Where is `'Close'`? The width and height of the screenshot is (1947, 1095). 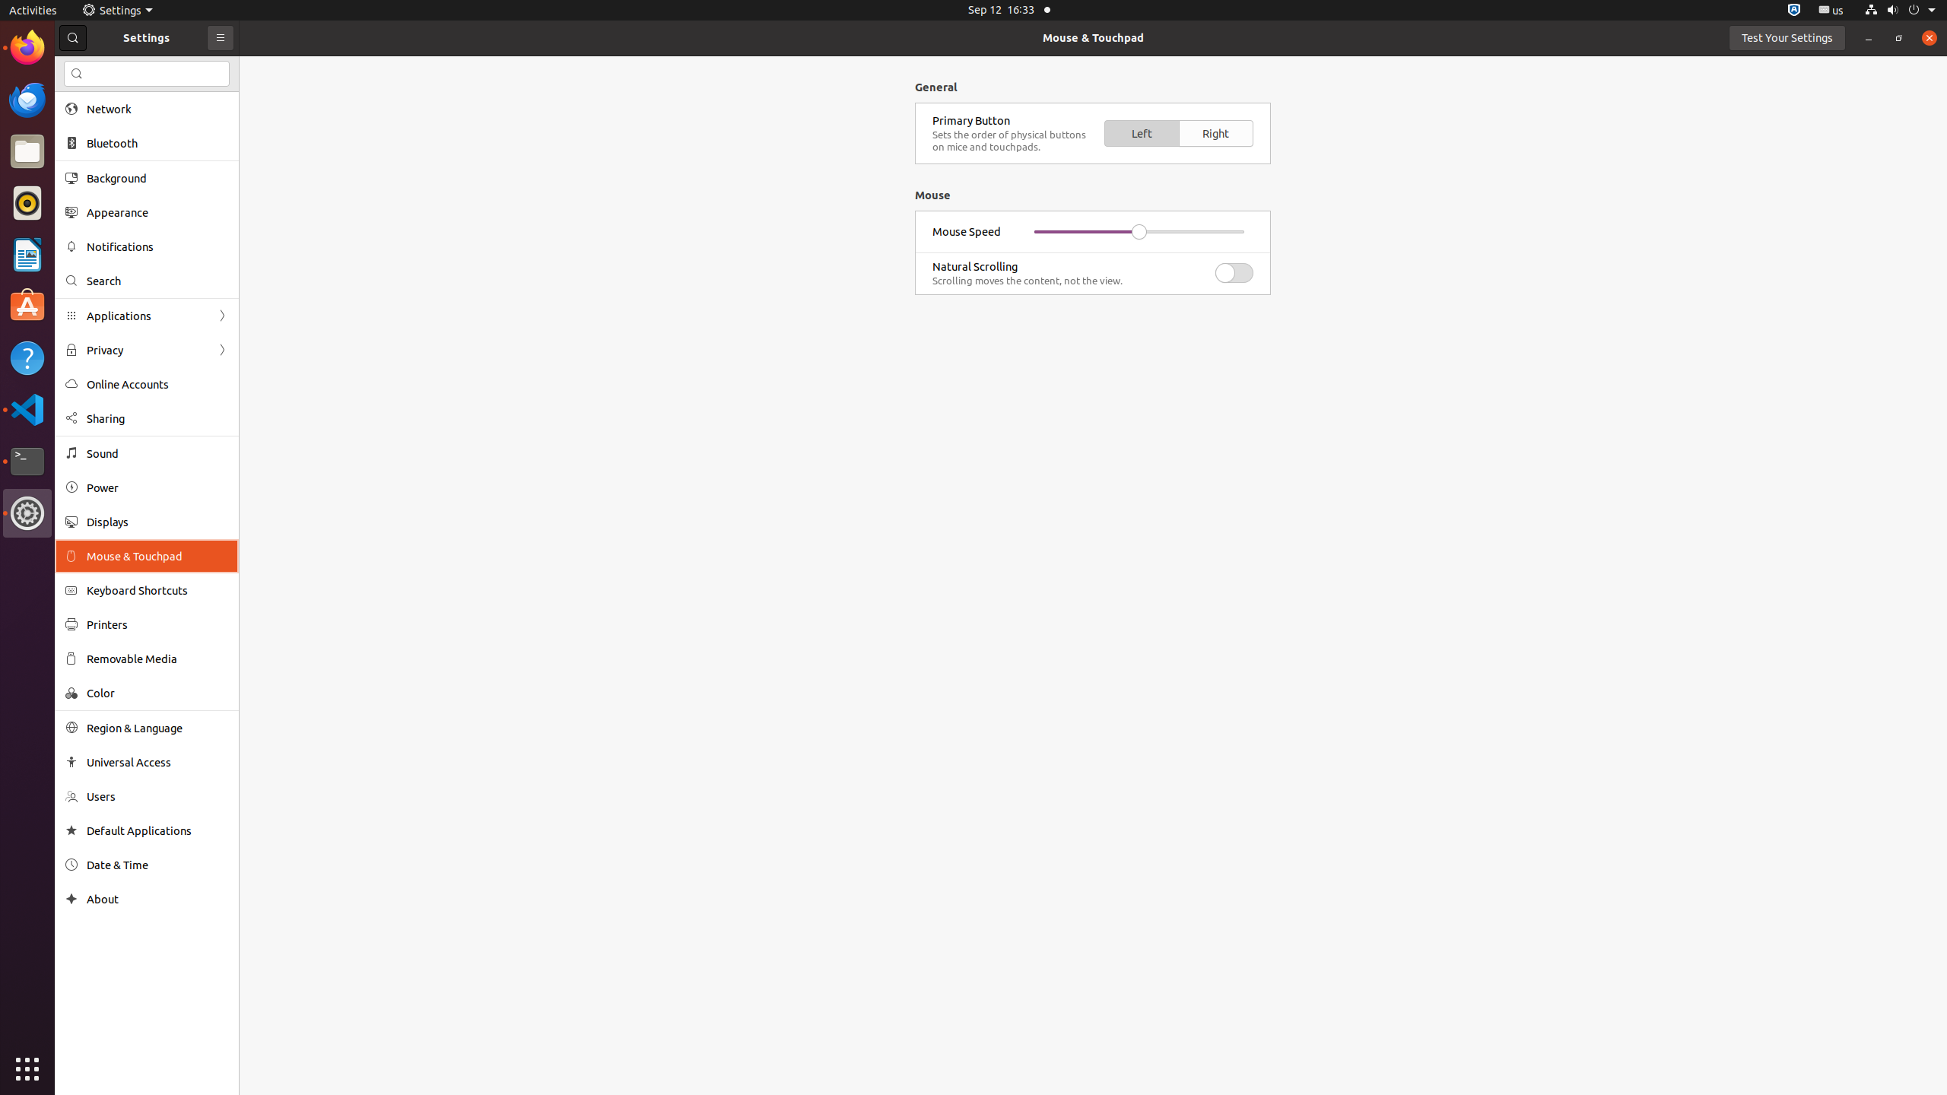 'Close' is located at coordinates (1928, 37).